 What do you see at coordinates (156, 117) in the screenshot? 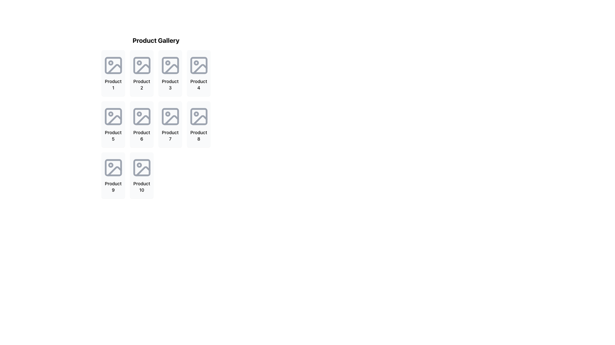
I see `the image placeholder in the 'Product Gallery' UI Card, specifically the seventh element in the grid layout` at bounding box center [156, 117].